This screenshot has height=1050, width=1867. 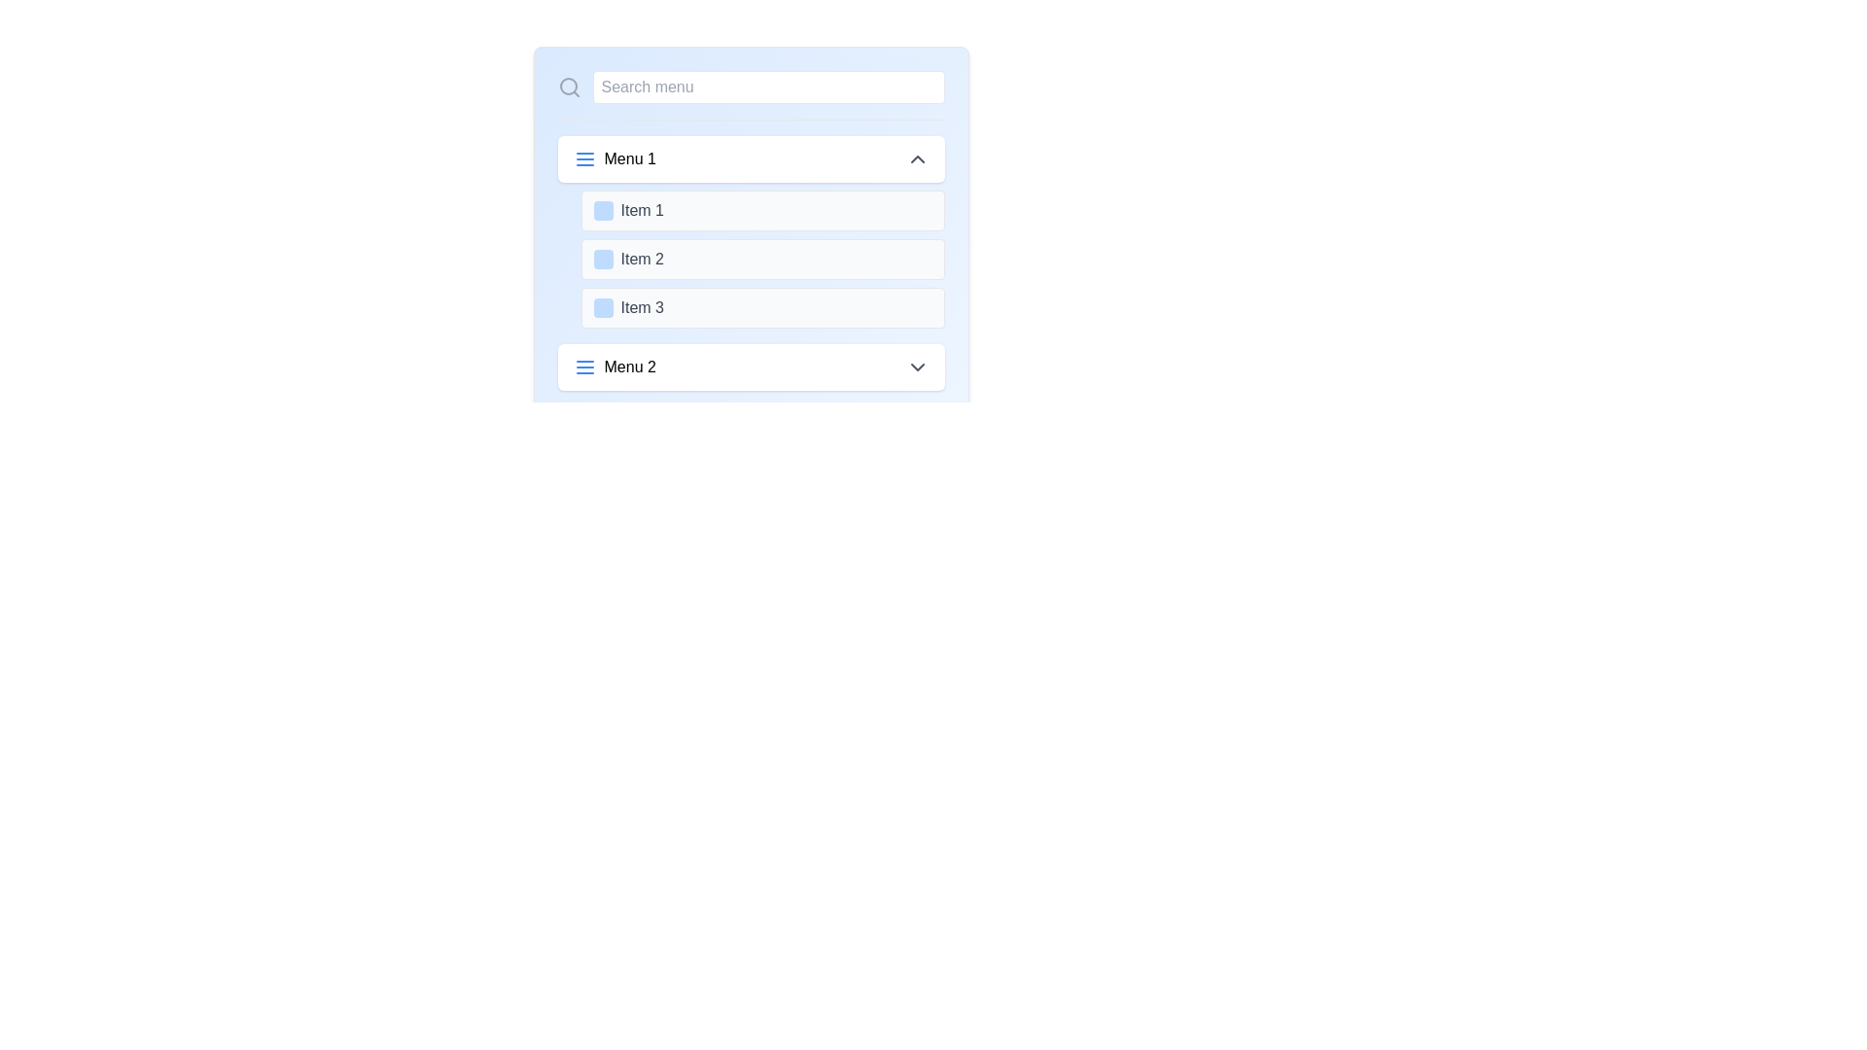 What do you see at coordinates (630, 367) in the screenshot?
I see `the position of the 'Menu 2' text label within the vertical list of menu options to understand the menu structure` at bounding box center [630, 367].